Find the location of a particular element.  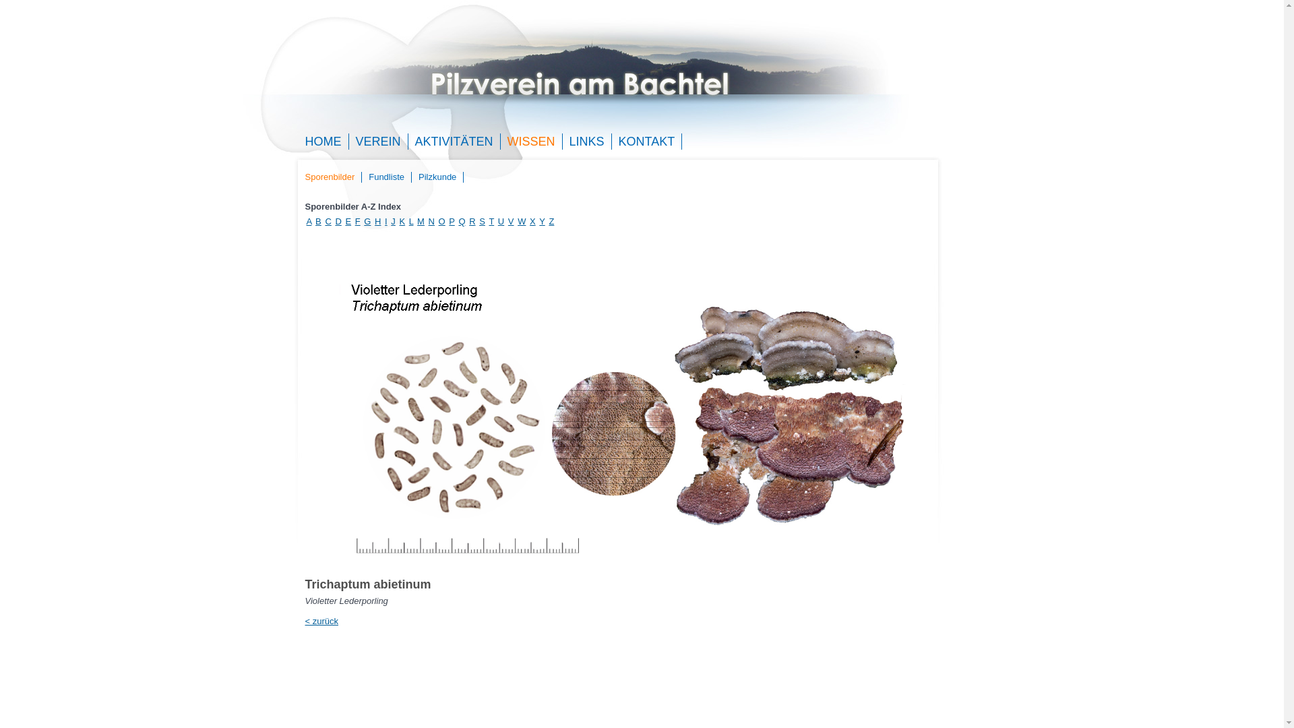

'K' is located at coordinates (401, 220).